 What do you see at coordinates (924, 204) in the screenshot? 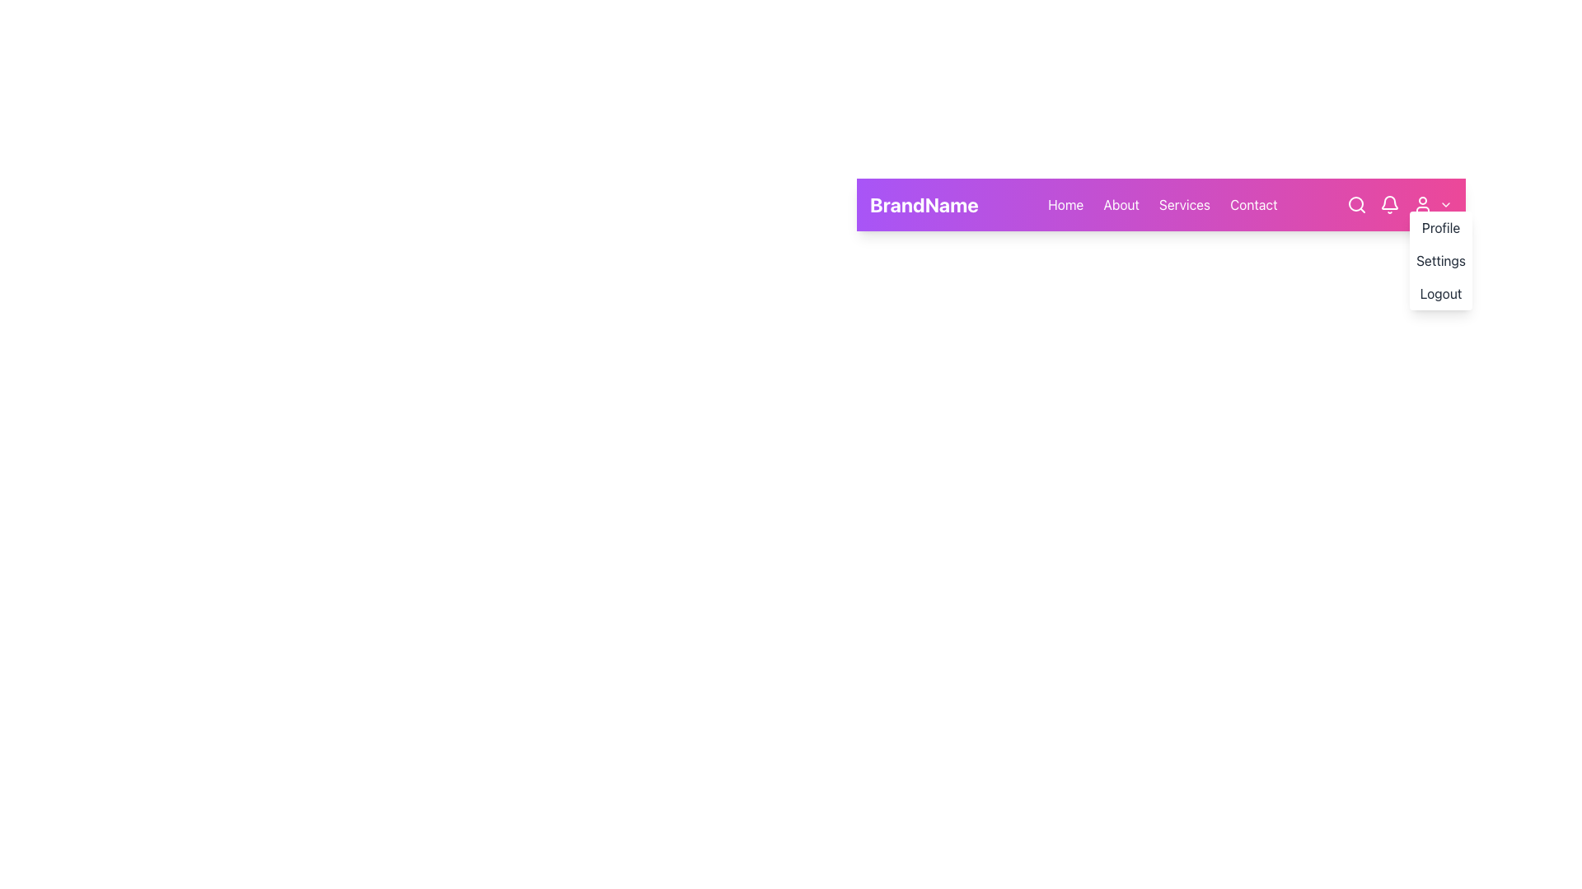
I see `the brand's visual identifier text label on the navigation bar` at bounding box center [924, 204].